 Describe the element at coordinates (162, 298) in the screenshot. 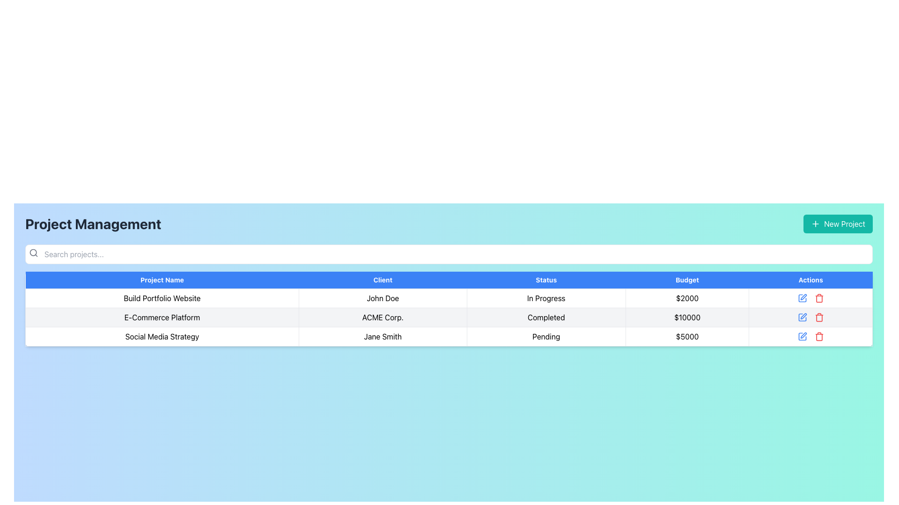

I see `the Text Label that identifies the project titled 'Build Portfolio Website' located in the first row under the 'Project Name' column of the table` at that location.